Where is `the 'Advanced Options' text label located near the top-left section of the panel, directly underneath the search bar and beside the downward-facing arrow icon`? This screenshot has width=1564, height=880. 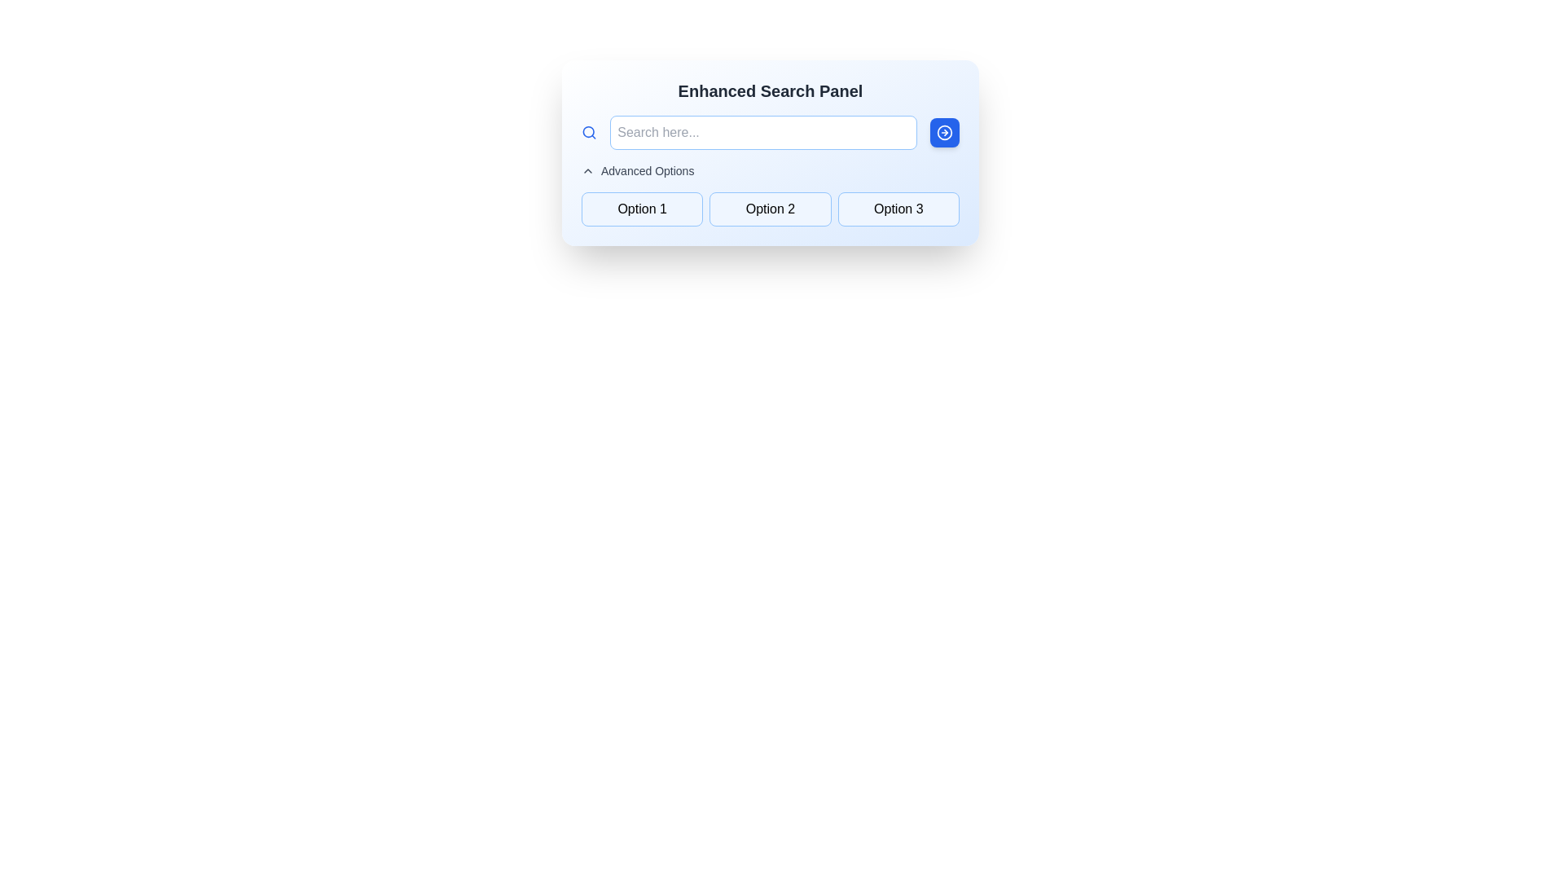 the 'Advanced Options' text label located near the top-left section of the panel, directly underneath the search bar and beside the downward-facing arrow icon is located at coordinates (647, 170).